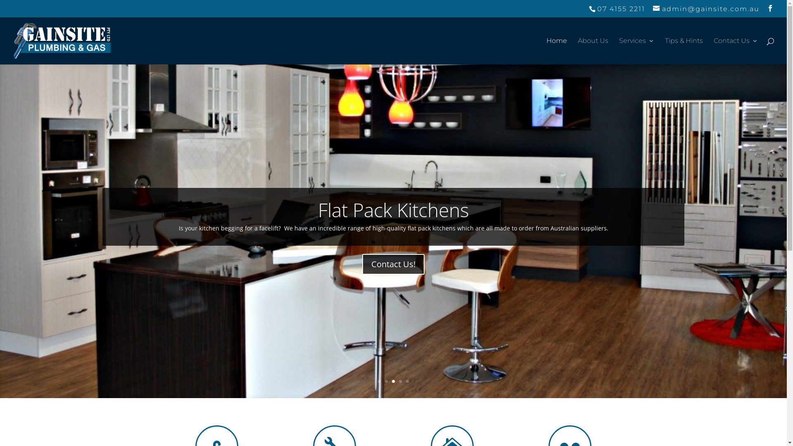  What do you see at coordinates (407, 381) in the screenshot?
I see `'5'` at bounding box center [407, 381].